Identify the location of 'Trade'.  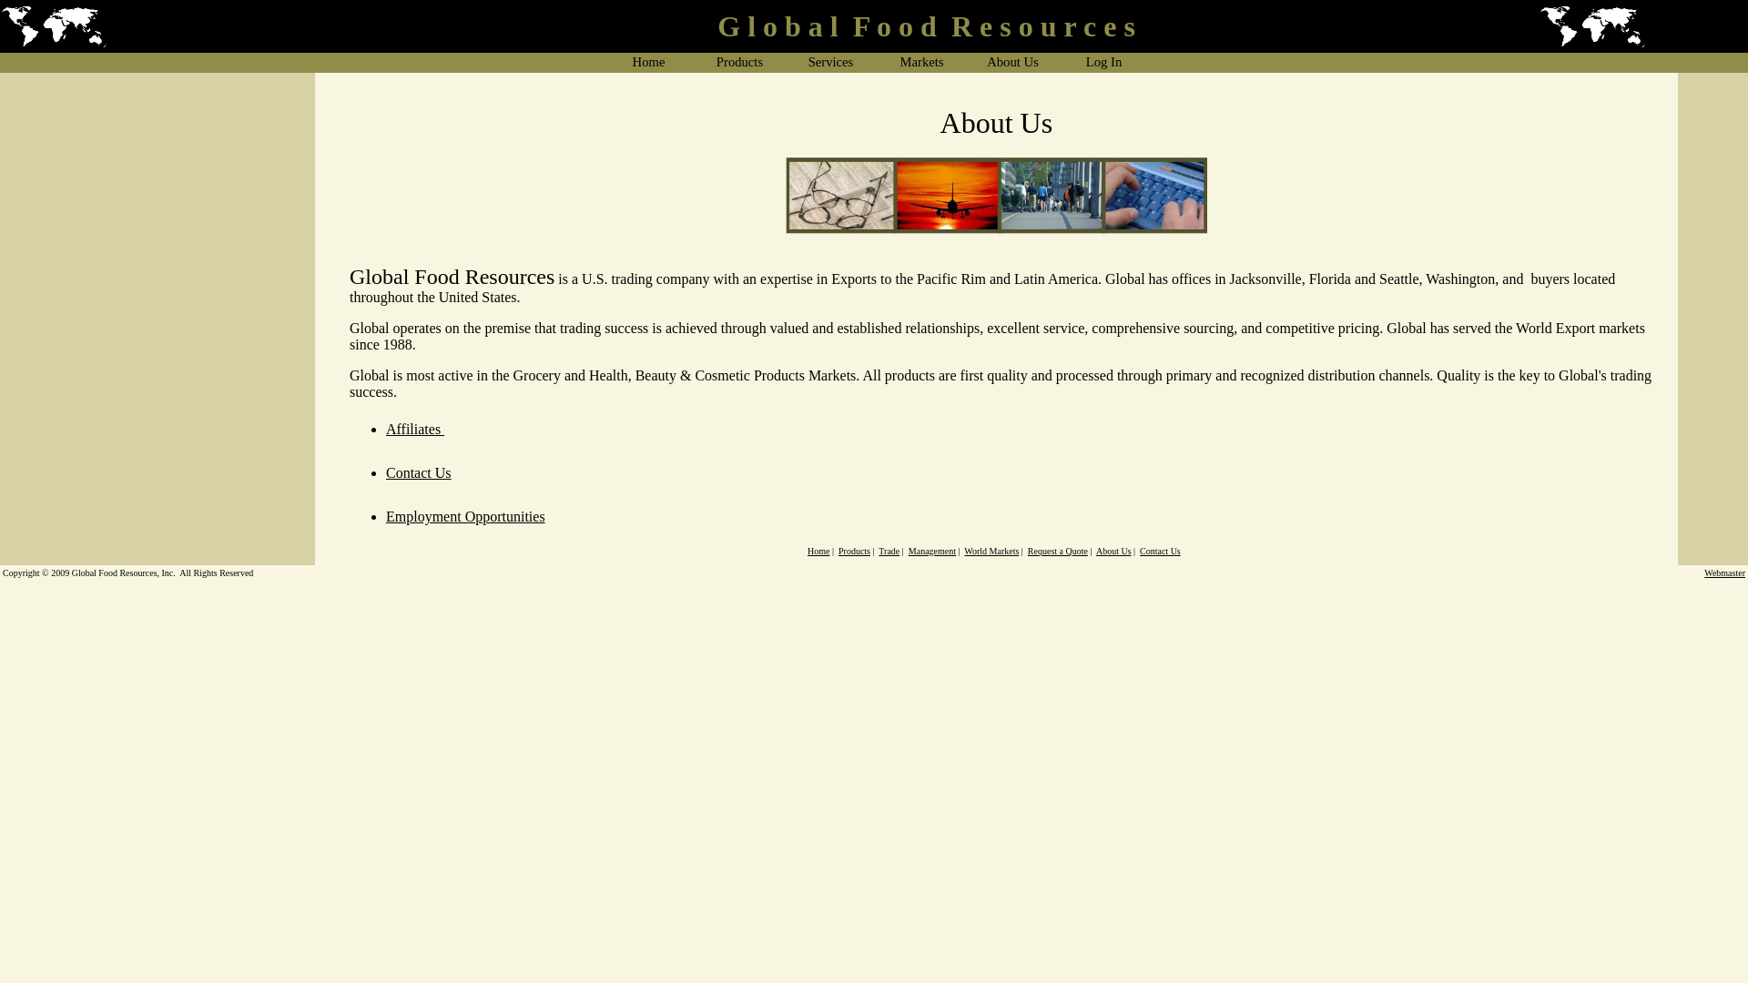
(889, 550).